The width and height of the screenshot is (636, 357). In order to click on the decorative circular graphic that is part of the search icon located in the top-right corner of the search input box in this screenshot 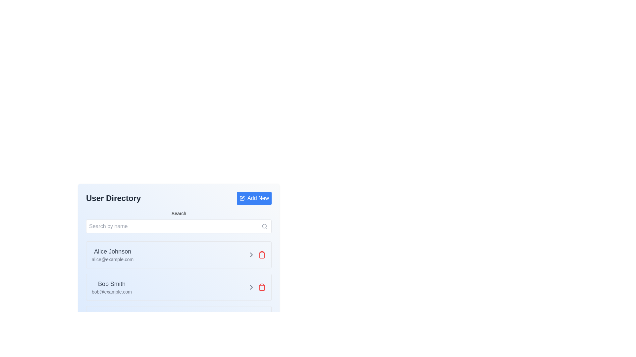, I will do `click(264, 226)`.